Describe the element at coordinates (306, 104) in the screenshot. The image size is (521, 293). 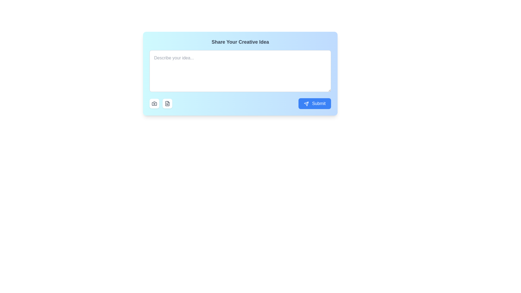
I see `the 'Submit' button icon located at the bottom-right corner of the card, which visually represents the action of submitting` at that location.